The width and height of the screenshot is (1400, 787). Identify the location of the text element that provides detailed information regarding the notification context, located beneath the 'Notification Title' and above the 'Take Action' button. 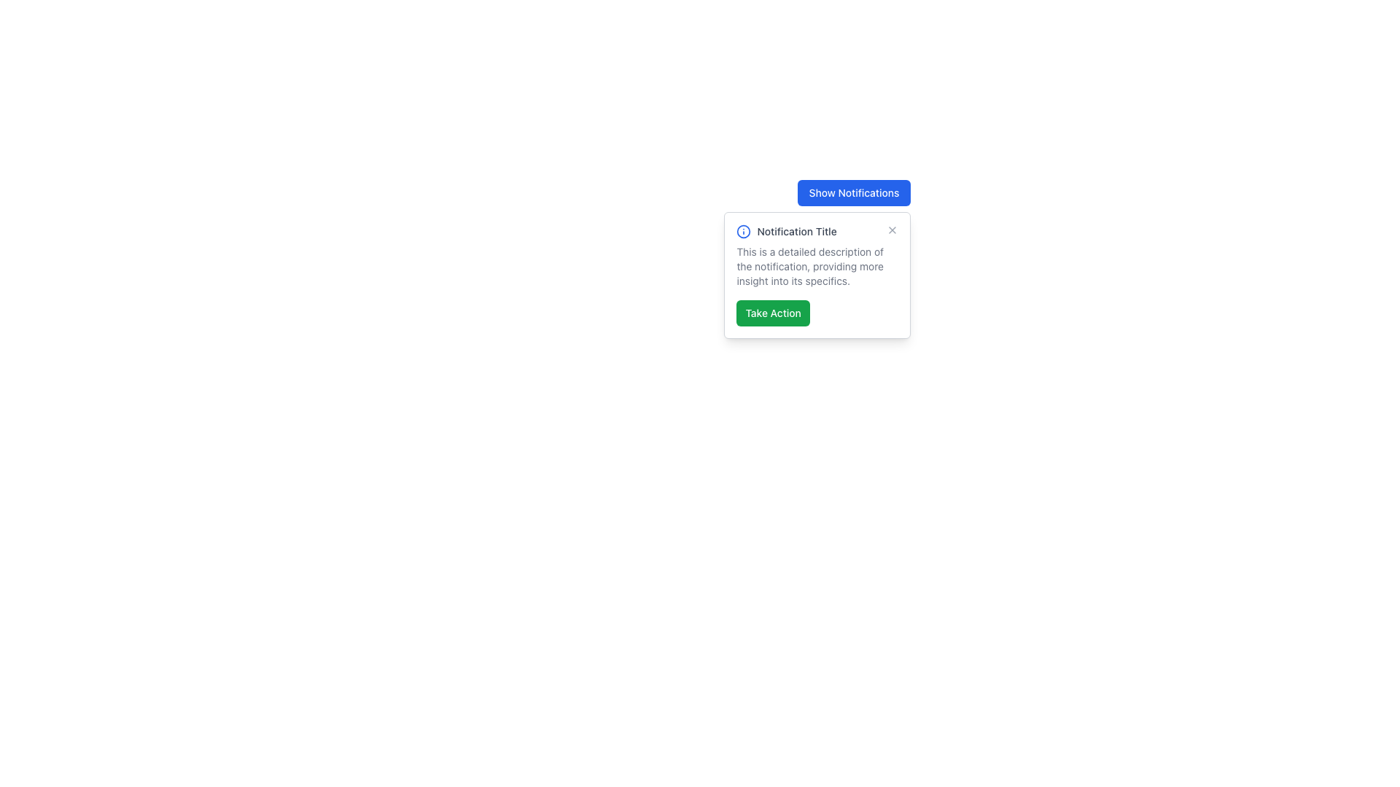
(817, 267).